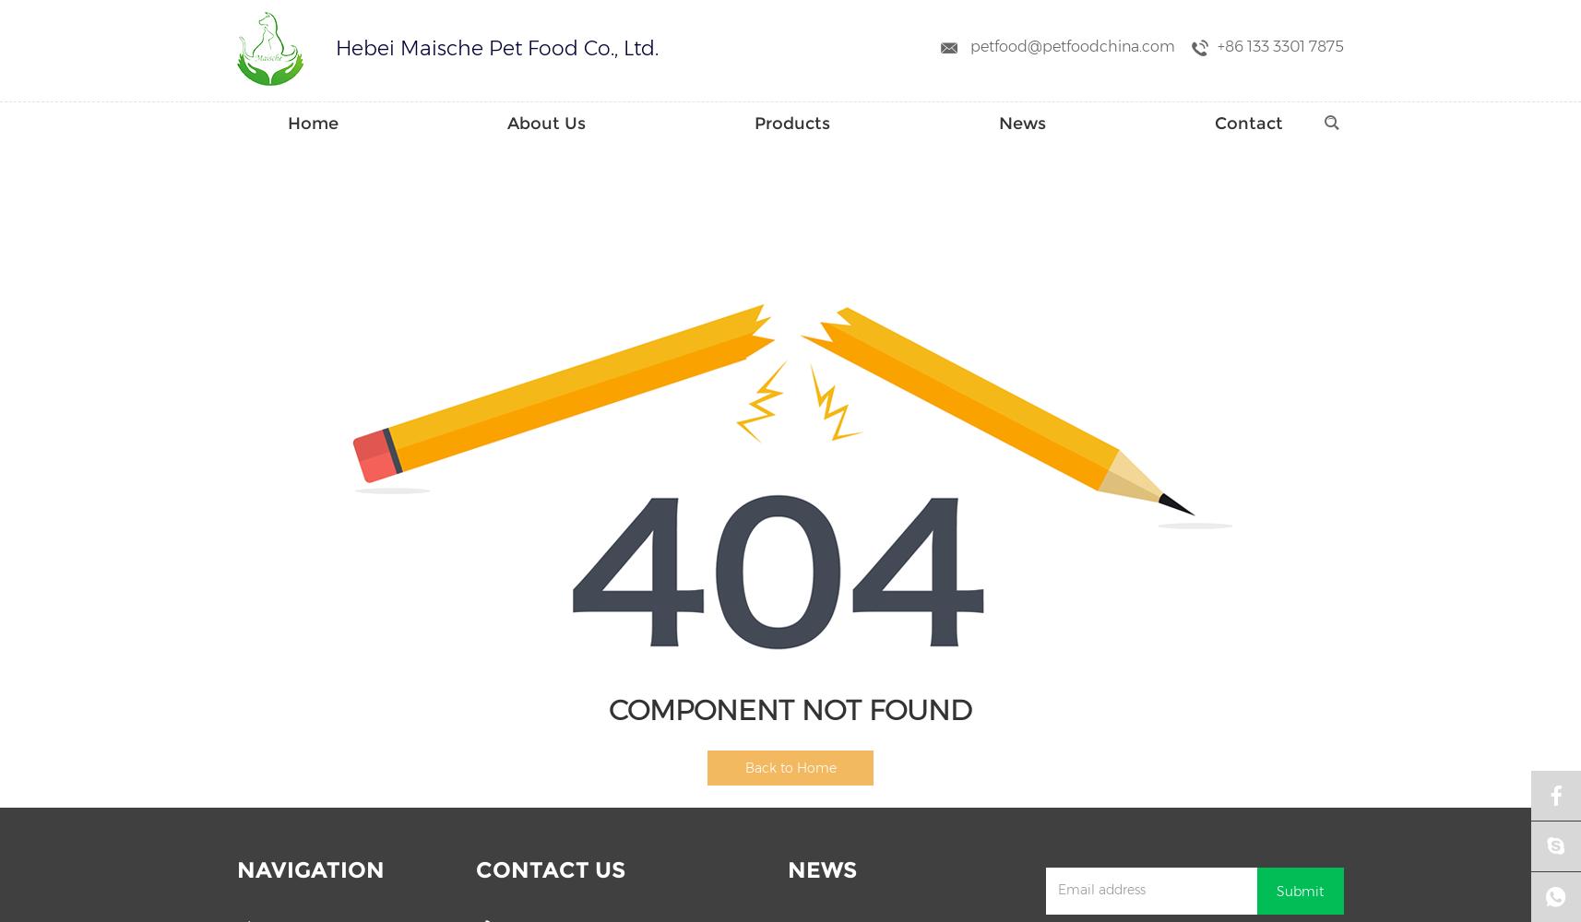 The height and width of the screenshot is (922, 1581). I want to click on 'Contact', so click(1249, 124).